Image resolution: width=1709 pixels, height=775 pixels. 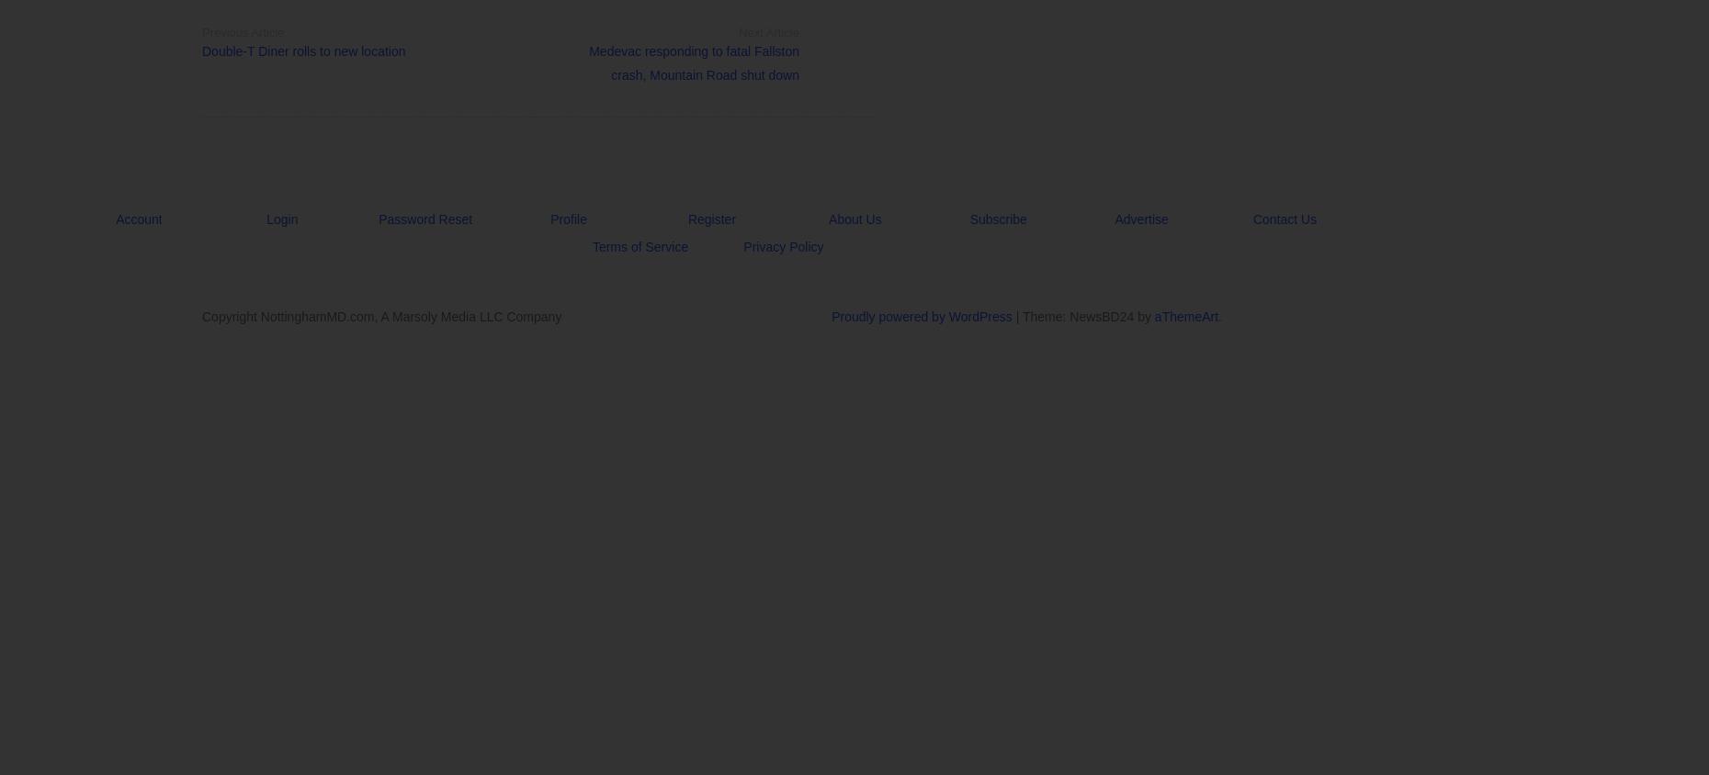 I want to click on 'Profile', so click(x=549, y=219).